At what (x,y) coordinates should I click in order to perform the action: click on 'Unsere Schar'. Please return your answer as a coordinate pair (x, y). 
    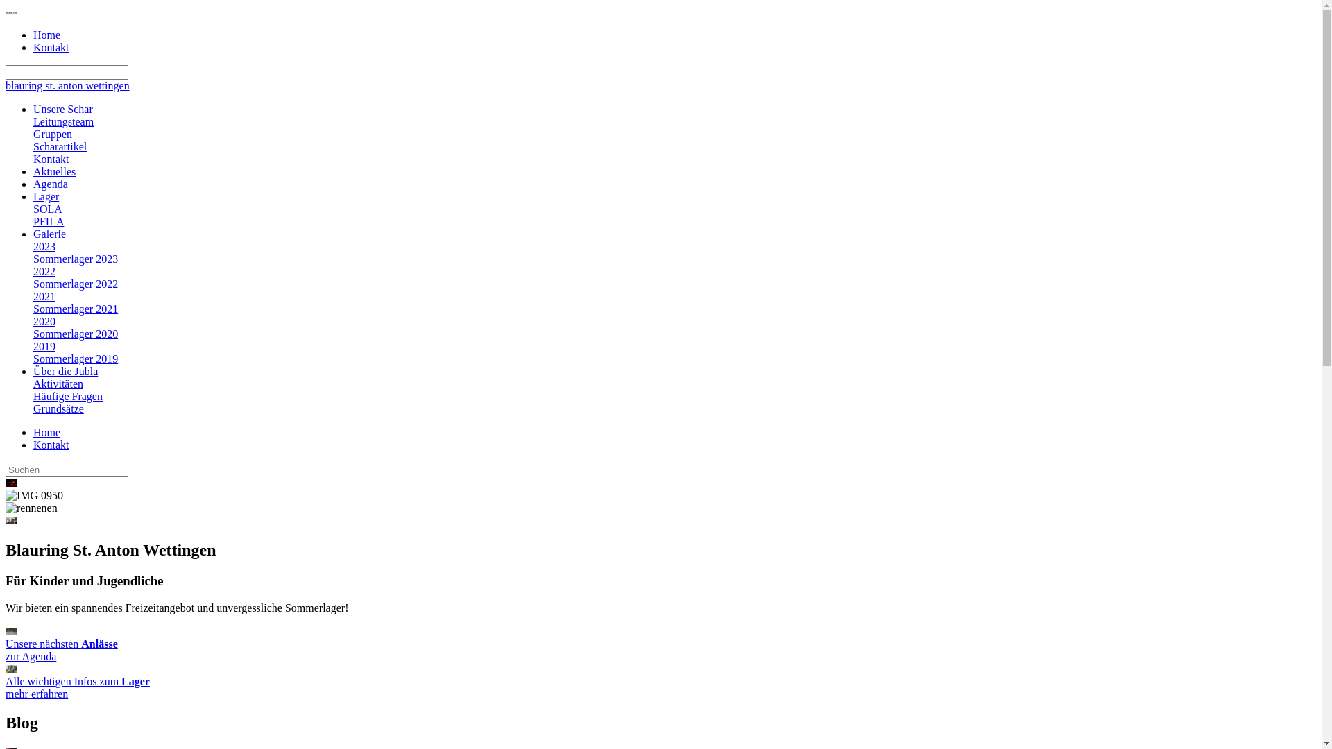
    Looking at the image, I should click on (62, 108).